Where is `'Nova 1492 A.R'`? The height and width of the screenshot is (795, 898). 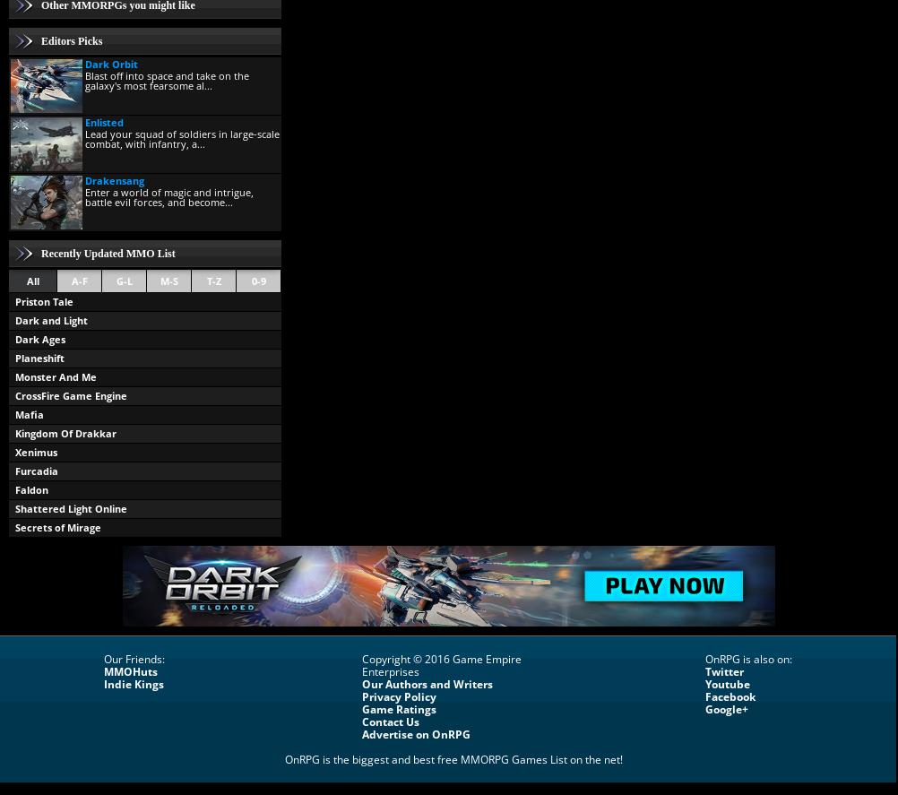
'Nova 1492 A.R' is located at coordinates (49, 582).